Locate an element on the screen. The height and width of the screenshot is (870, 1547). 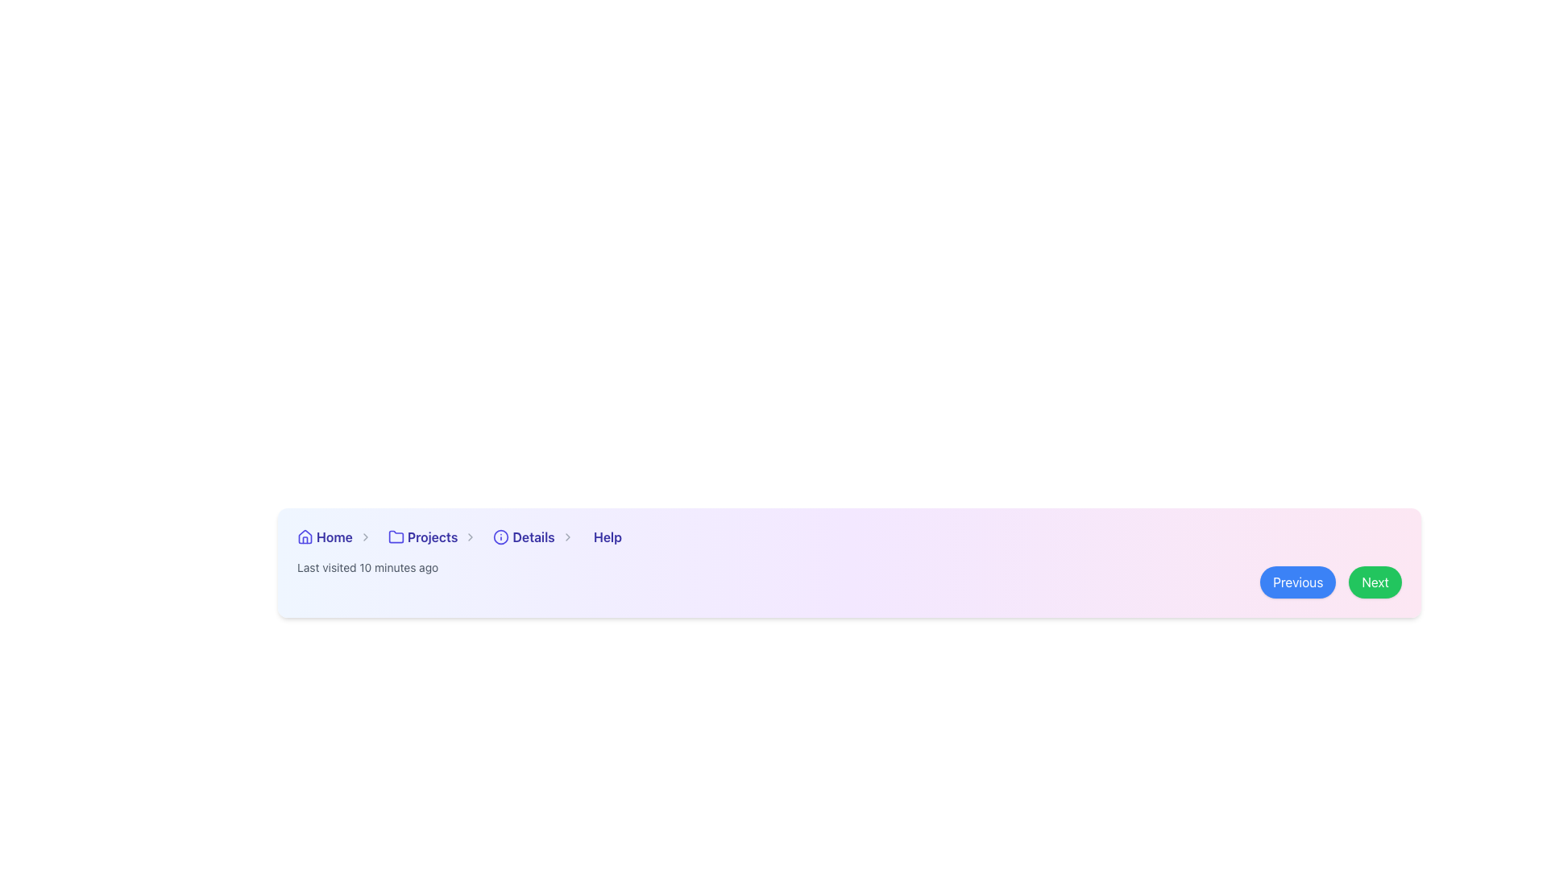
the hyperlink labeled 'Details' located on the navigation bar, positioned between the information icon and the 'Help' text, which is the third interactive element from the left is located at coordinates (533, 537).